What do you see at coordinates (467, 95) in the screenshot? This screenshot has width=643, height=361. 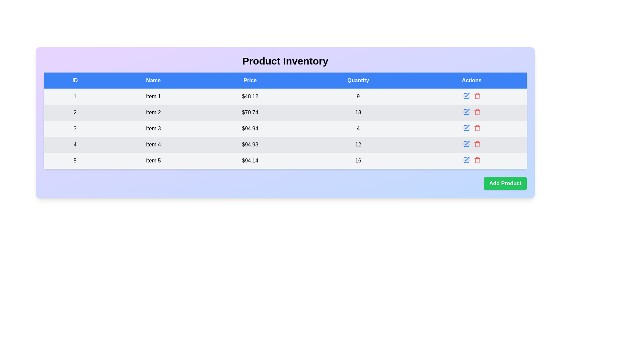 I see `the 'Edit' button located in the 'Actions' column of the first row in the 'Product Inventory' table` at bounding box center [467, 95].